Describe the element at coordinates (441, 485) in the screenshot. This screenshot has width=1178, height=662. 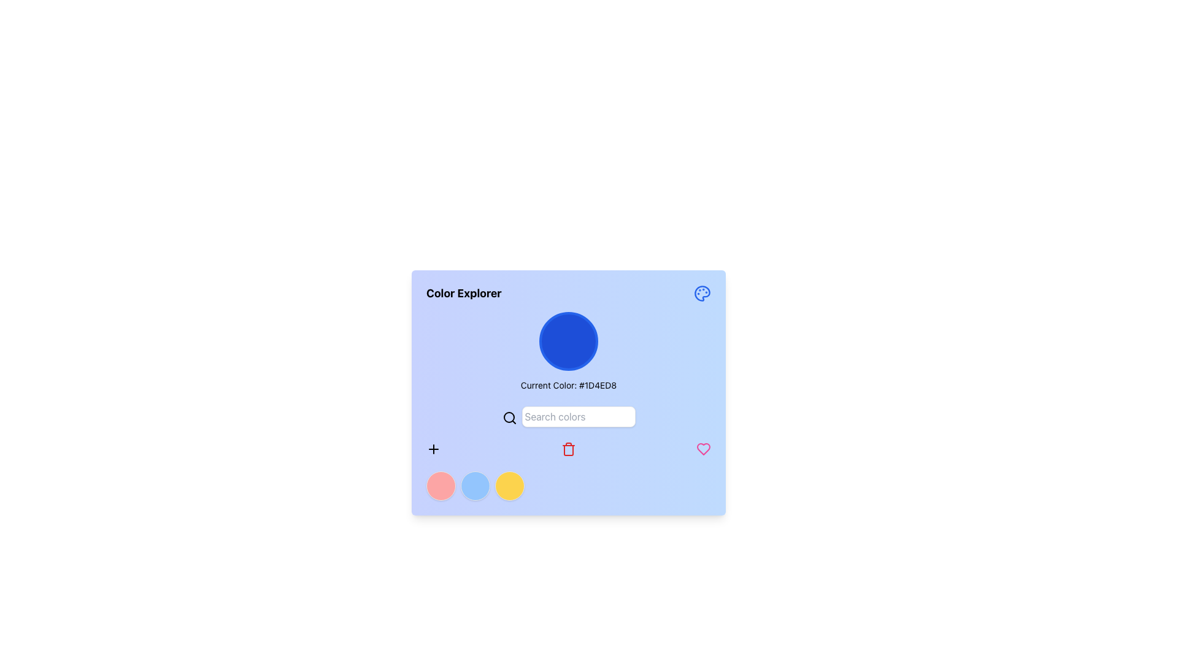
I see `the leftmost circular button` at that location.